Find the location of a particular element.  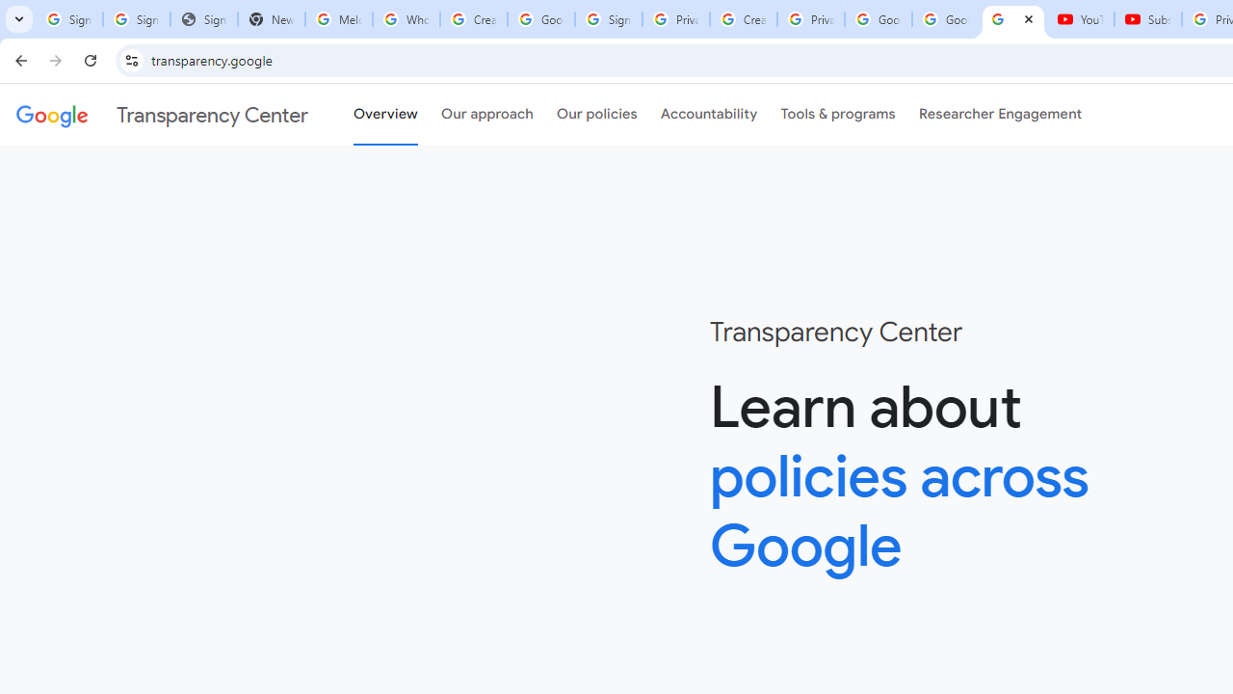

'Create your Google Account' is located at coordinates (474, 19).